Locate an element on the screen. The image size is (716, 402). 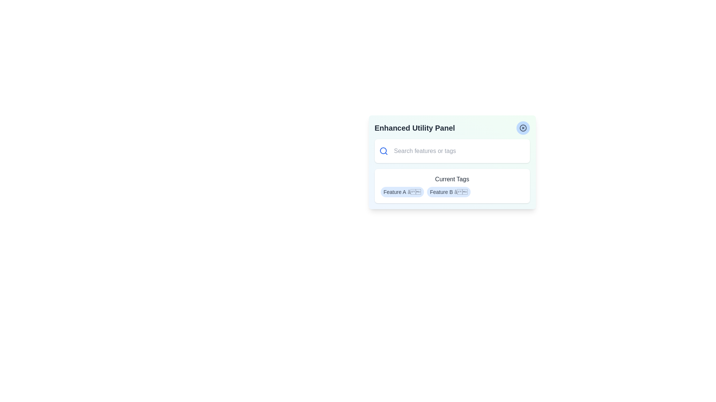
the cancel icon, which is a circular shape with an 'X' inside, located in the top-right corner of the Enhanced Utility Panel is located at coordinates (522, 127).